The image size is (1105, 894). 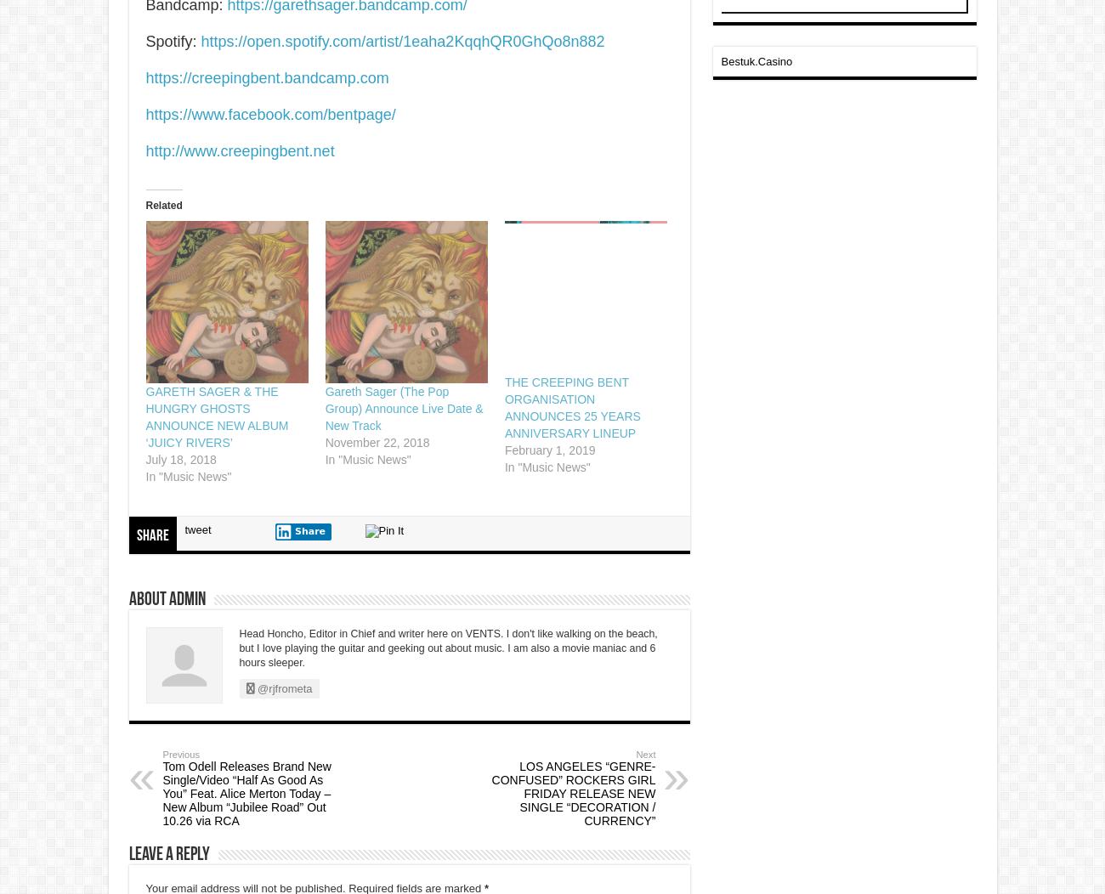 What do you see at coordinates (163, 204) in the screenshot?
I see `'Related'` at bounding box center [163, 204].